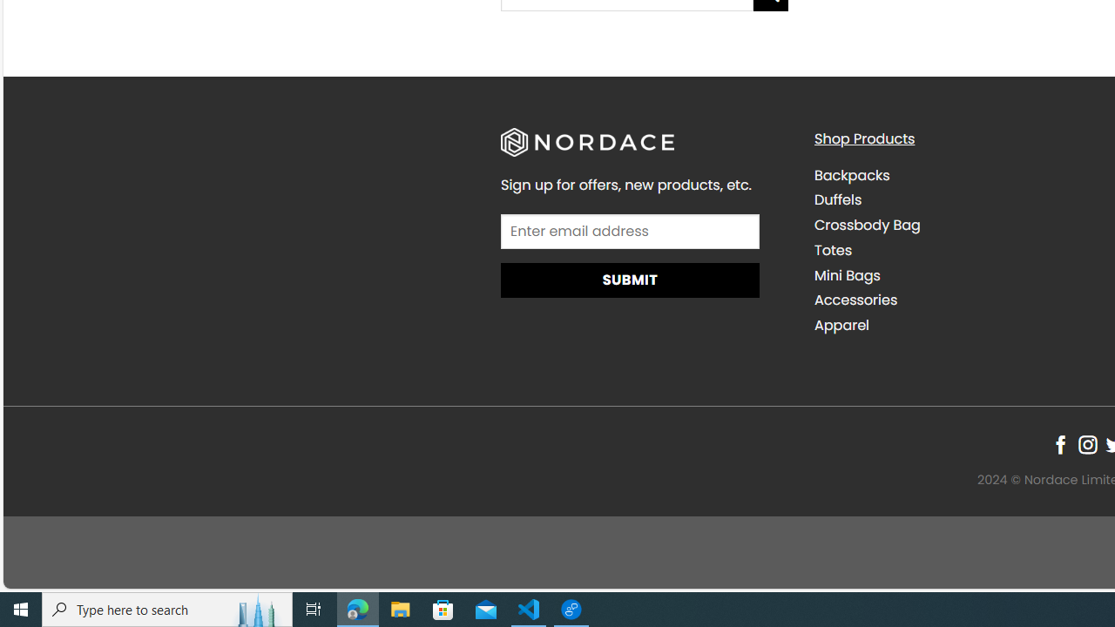 The width and height of the screenshot is (1115, 627). I want to click on 'Apparel', so click(841, 326).